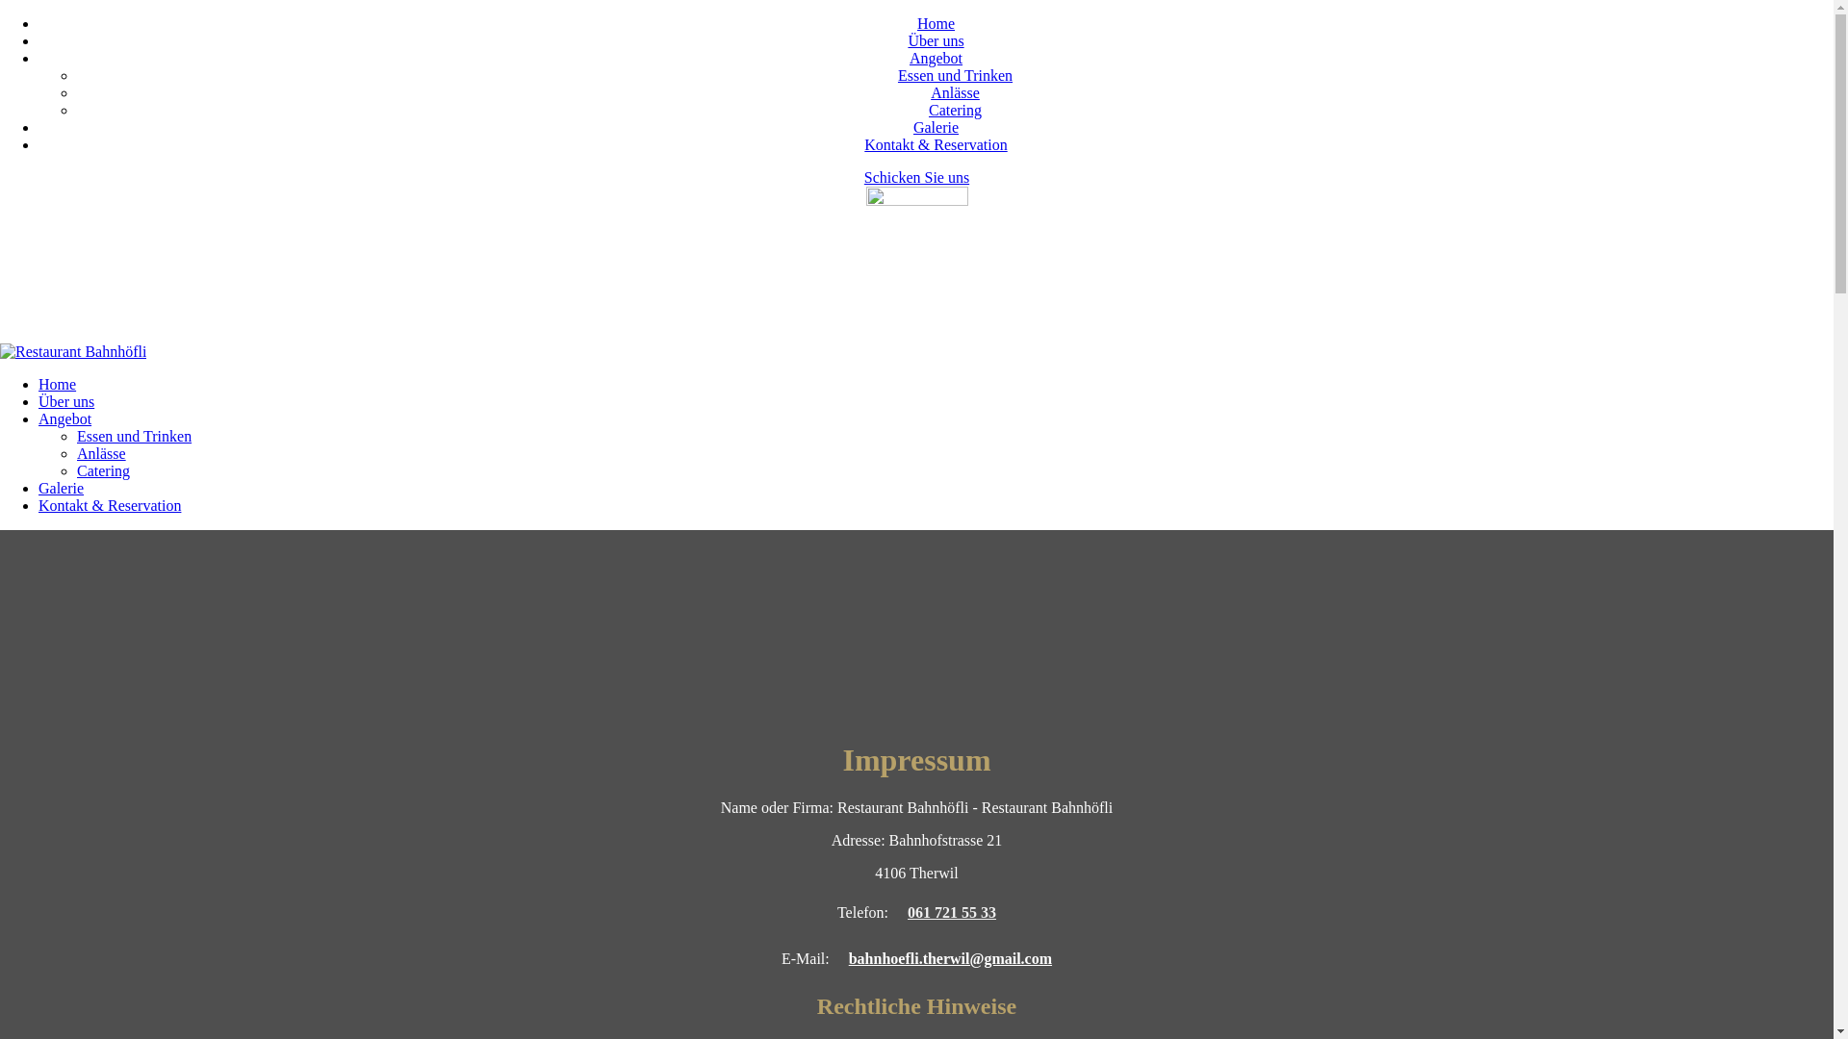 This screenshot has width=1848, height=1039. What do you see at coordinates (950, 958) in the screenshot?
I see `'bahnhoefli.therwil@gmail.com'` at bounding box center [950, 958].